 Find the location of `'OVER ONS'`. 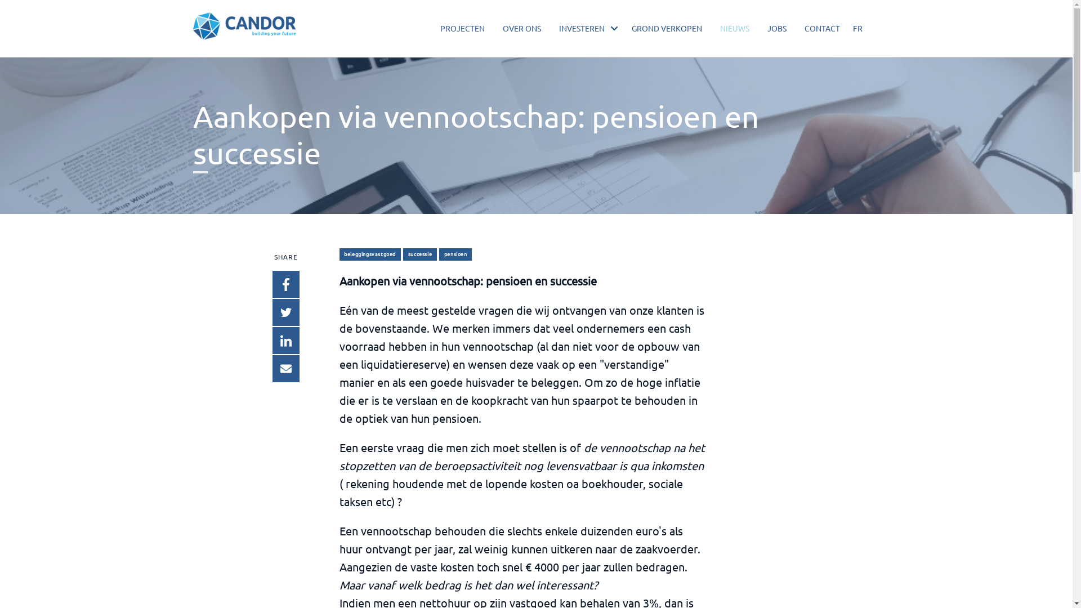

'OVER ONS' is located at coordinates (502, 28).